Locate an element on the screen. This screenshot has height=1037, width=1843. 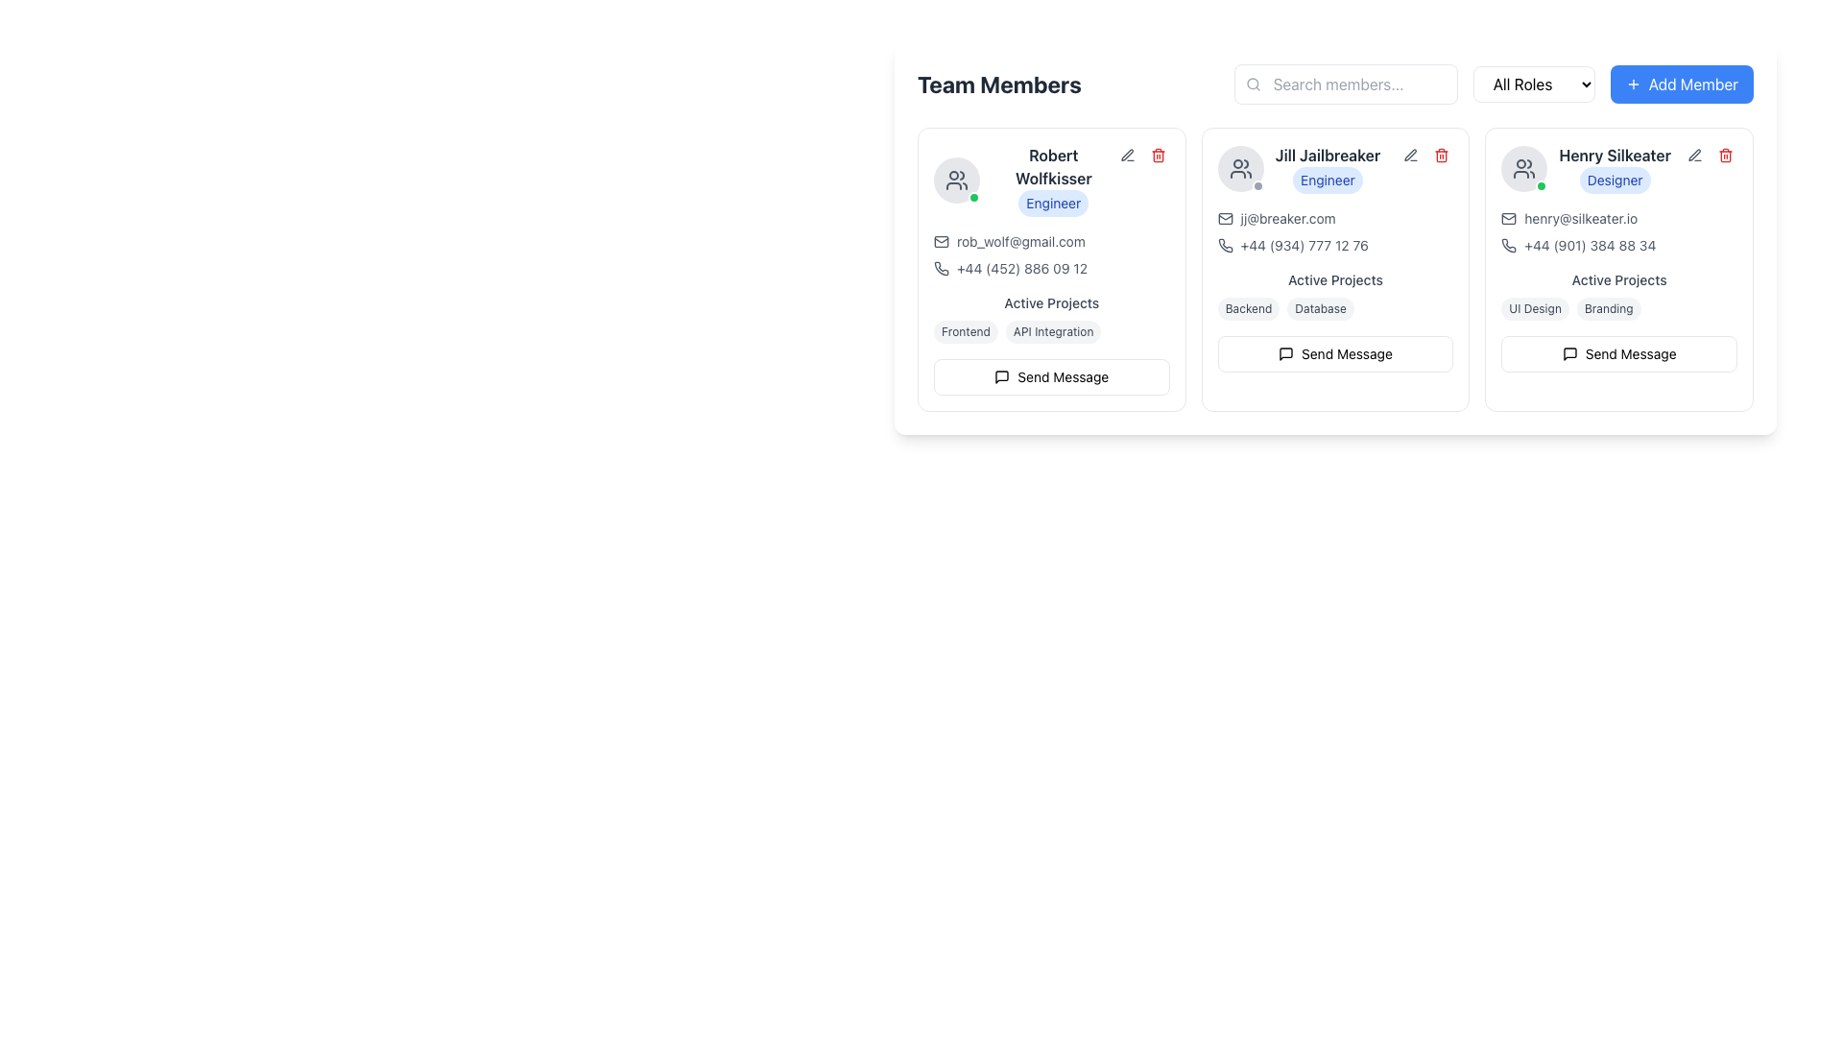
the Text Block with Badge displaying 'Henry Silkeater' and the badge labeled 'Designer' with a blue background, located in the rightmost card of the team members layout is located at coordinates (1614, 168).